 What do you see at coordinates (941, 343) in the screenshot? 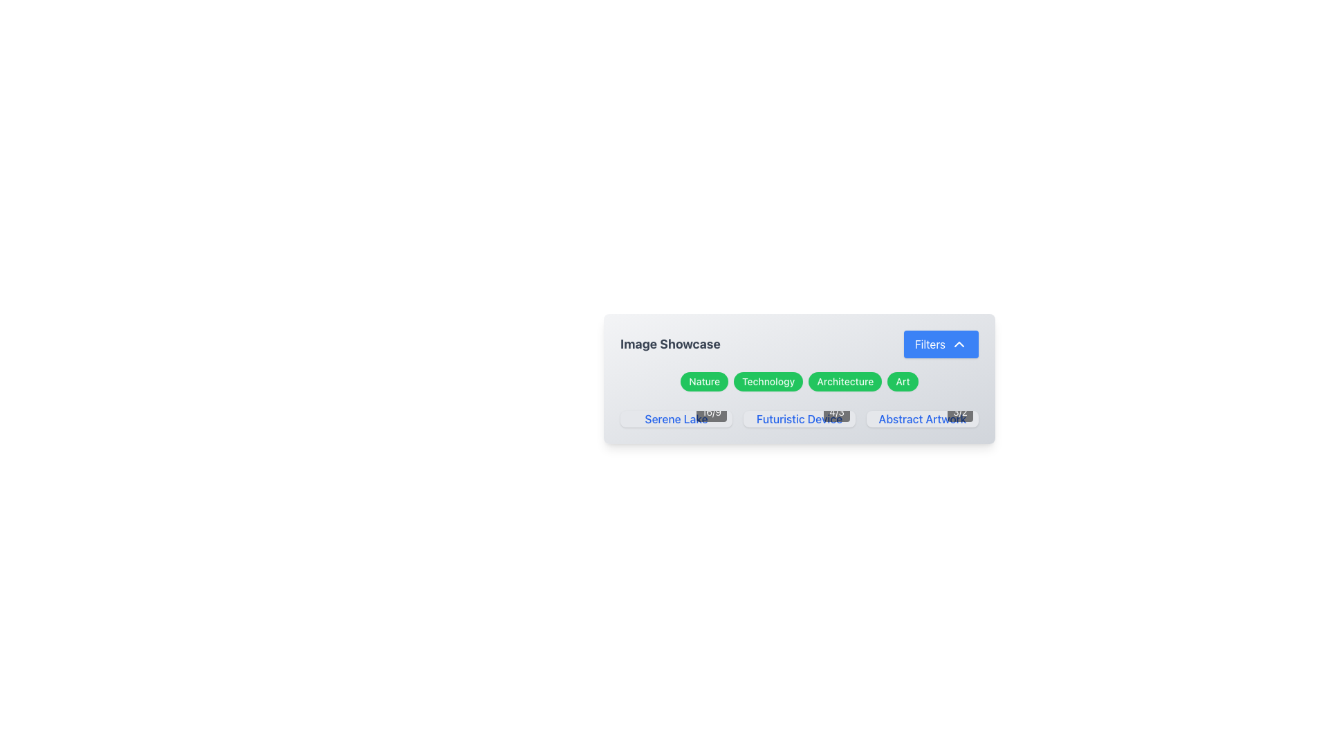
I see `the blue rectangular button labeled 'Filters' located on the right side of the header row titled 'Image Showcase' for accessibility navigation` at bounding box center [941, 343].